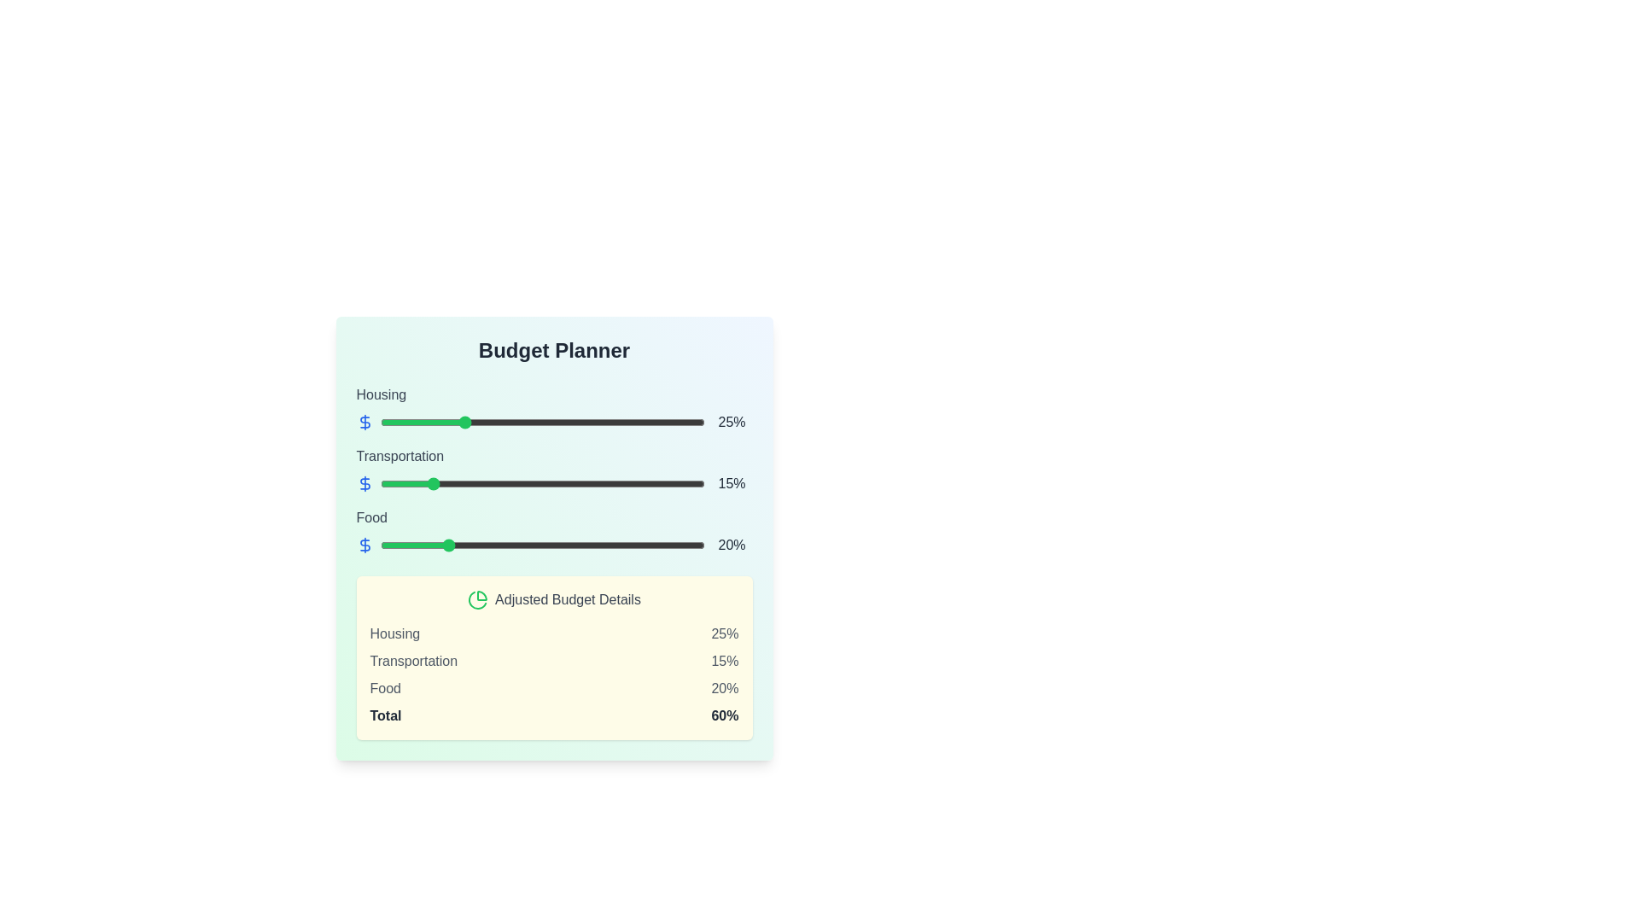 This screenshot has height=922, width=1639. Describe the element at coordinates (541, 422) in the screenshot. I see `the range input slider located at the topmost position, which aligns with the 'Housing' label on the left and shows '25%' on the right` at that location.